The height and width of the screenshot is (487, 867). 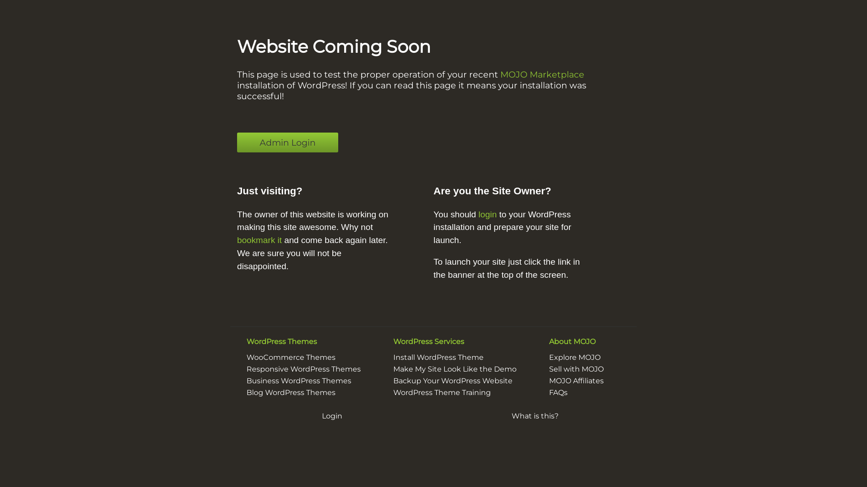 What do you see at coordinates (453, 381) in the screenshot?
I see `'Backup Your WordPress Website'` at bounding box center [453, 381].